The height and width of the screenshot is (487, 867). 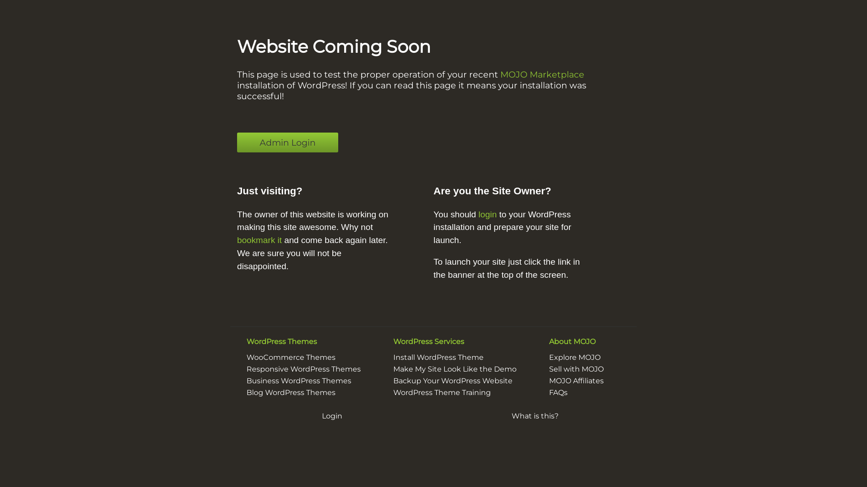 What do you see at coordinates (453, 381) in the screenshot?
I see `'Backup Your WordPress Website'` at bounding box center [453, 381].